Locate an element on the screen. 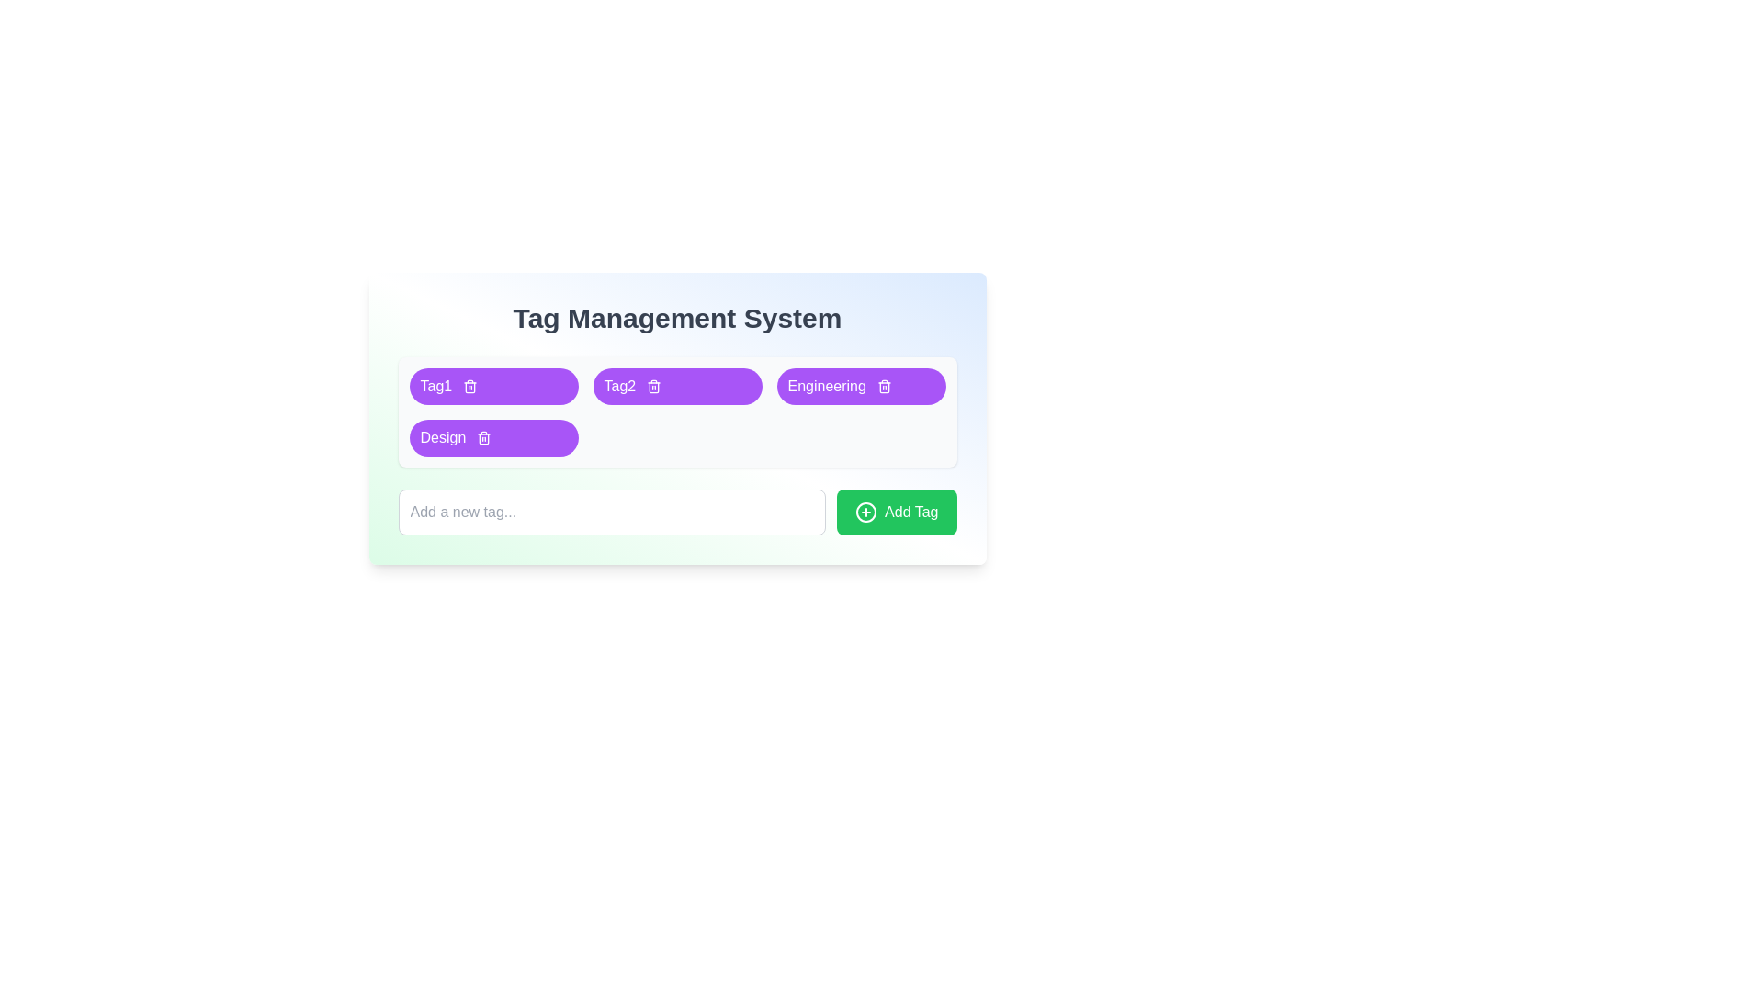 This screenshot has height=992, width=1764. the first tag label is located at coordinates (435, 385).